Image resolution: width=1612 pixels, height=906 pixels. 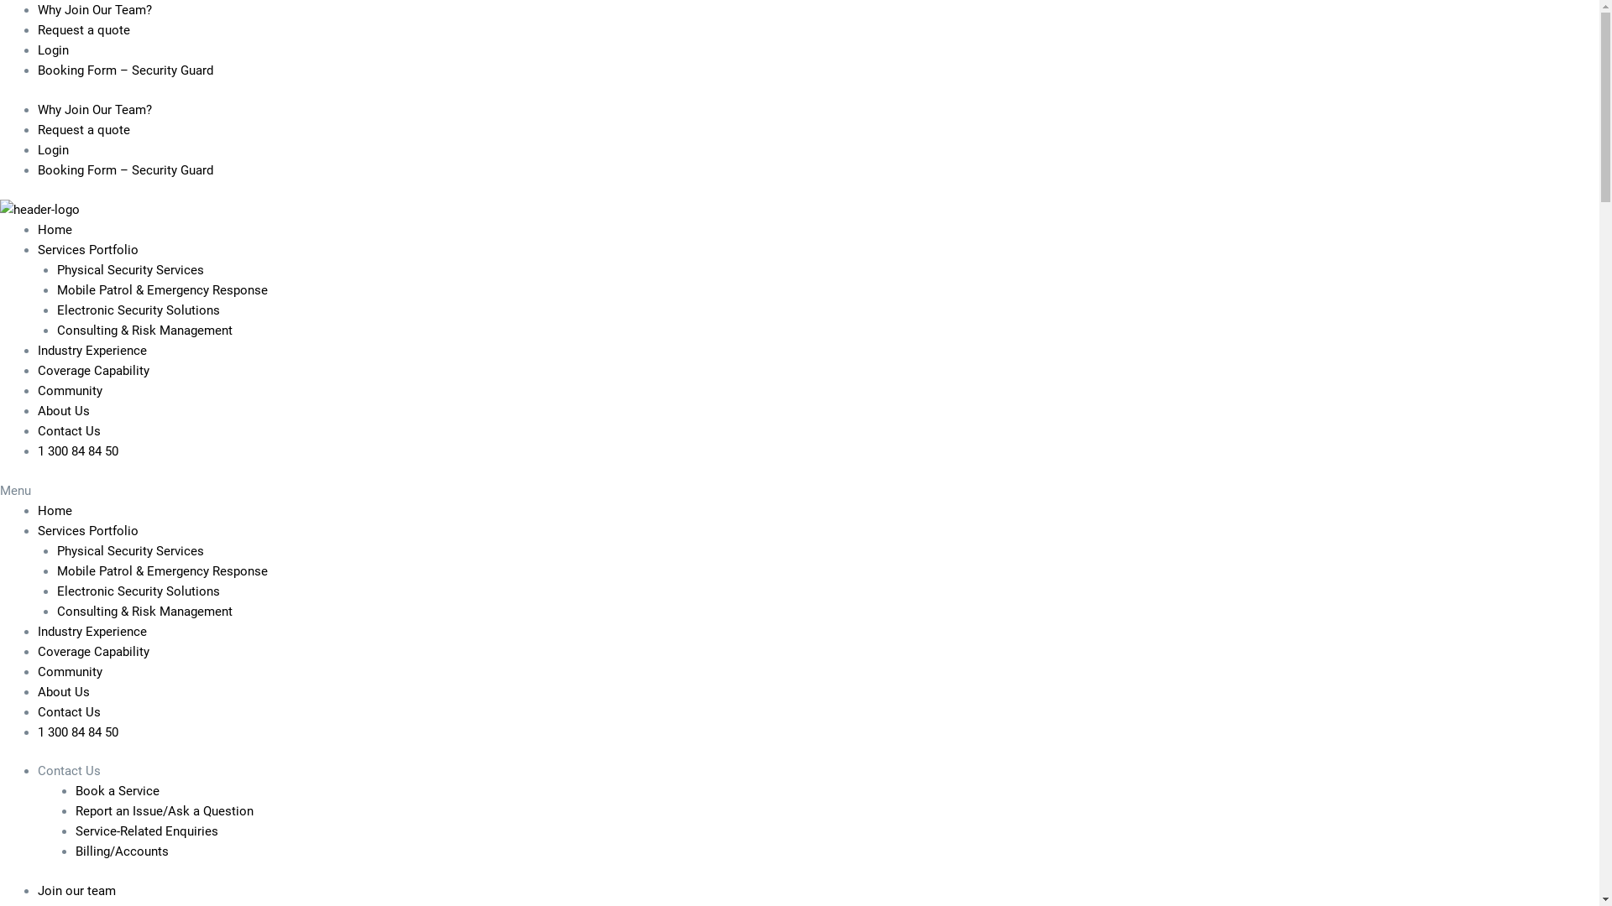 I want to click on 'Contact Us', so click(x=68, y=430).